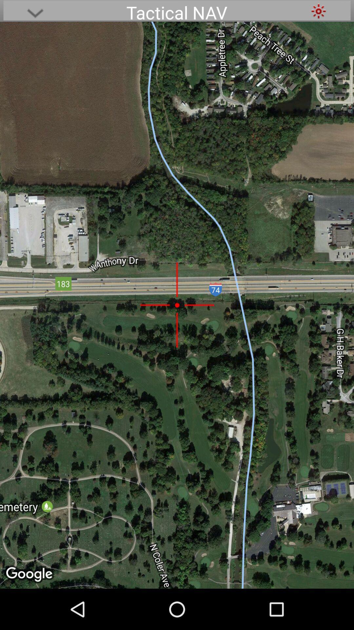 The image size is (354, 630). I want to click on click dropdown, so click(35, 11).